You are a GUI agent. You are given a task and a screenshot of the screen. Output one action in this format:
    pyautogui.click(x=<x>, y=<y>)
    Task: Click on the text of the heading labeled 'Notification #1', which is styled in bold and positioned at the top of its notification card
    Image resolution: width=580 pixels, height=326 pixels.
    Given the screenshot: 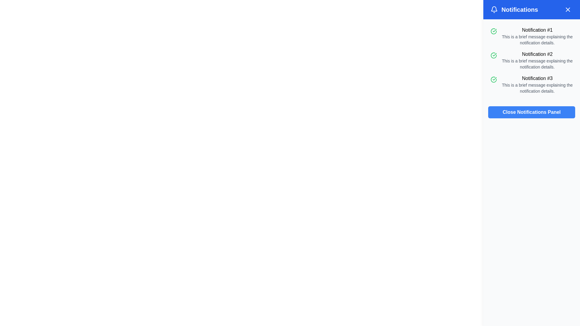 What is the action you would take?
    pyautogui.click(x=537, y=30)
    